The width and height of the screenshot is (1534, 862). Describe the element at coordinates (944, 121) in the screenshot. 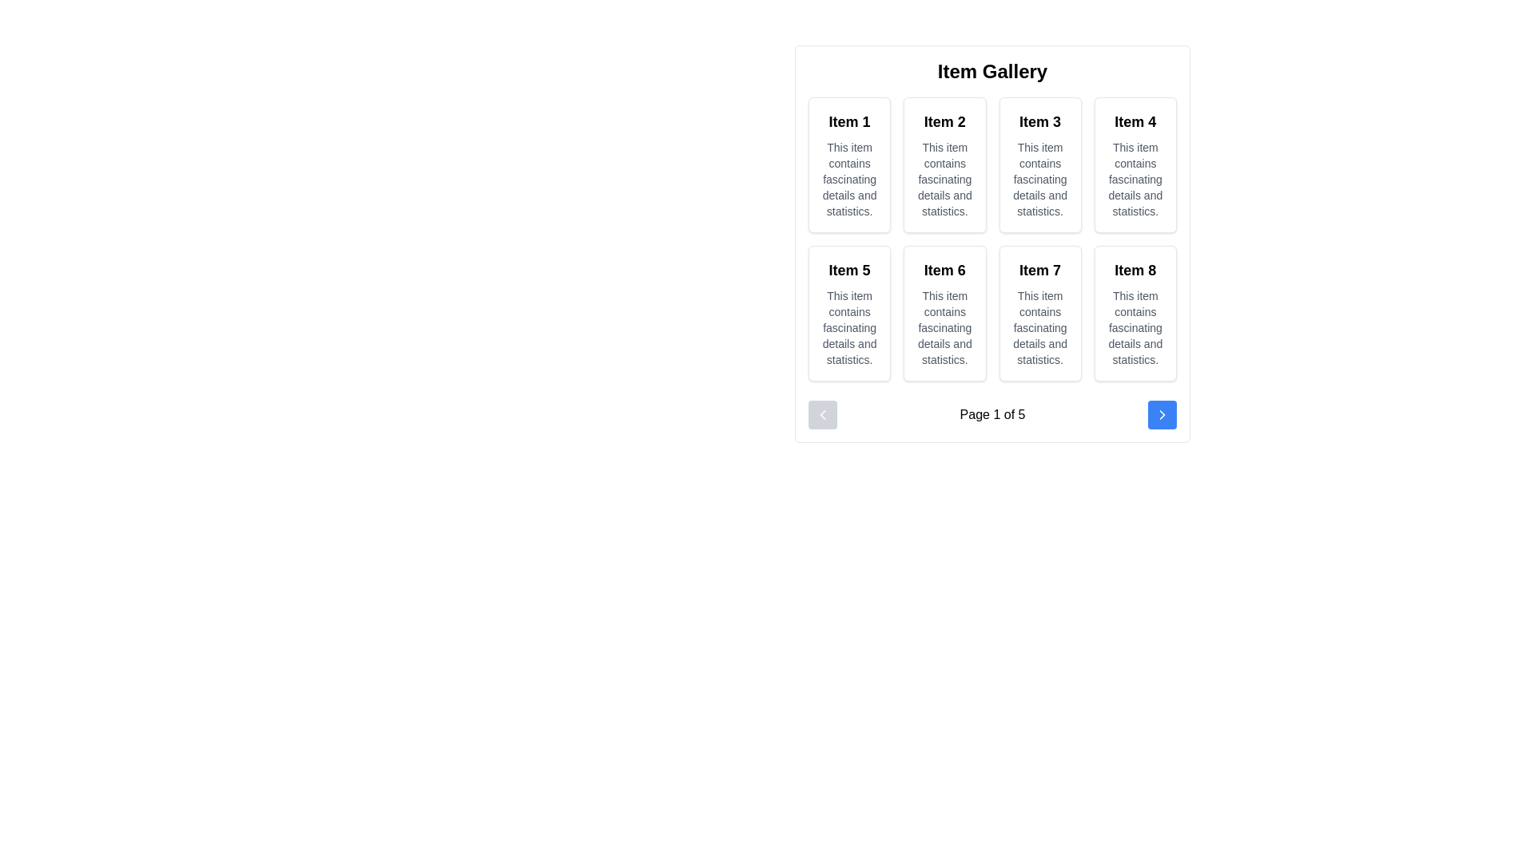

I see `heading text for 'Item 2' located at the top of the bordered card in the second column, first row of the grid layout` at that location.